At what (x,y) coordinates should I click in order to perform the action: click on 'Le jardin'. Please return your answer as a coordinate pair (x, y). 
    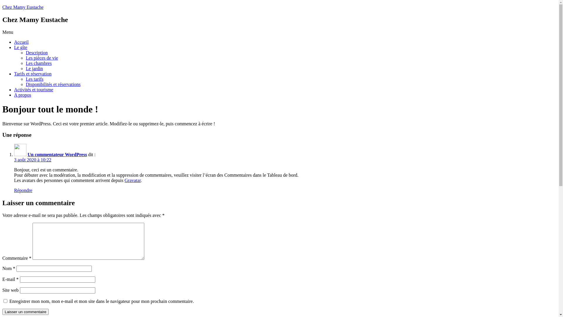
    Looking at the image, I should click on (34, 68).